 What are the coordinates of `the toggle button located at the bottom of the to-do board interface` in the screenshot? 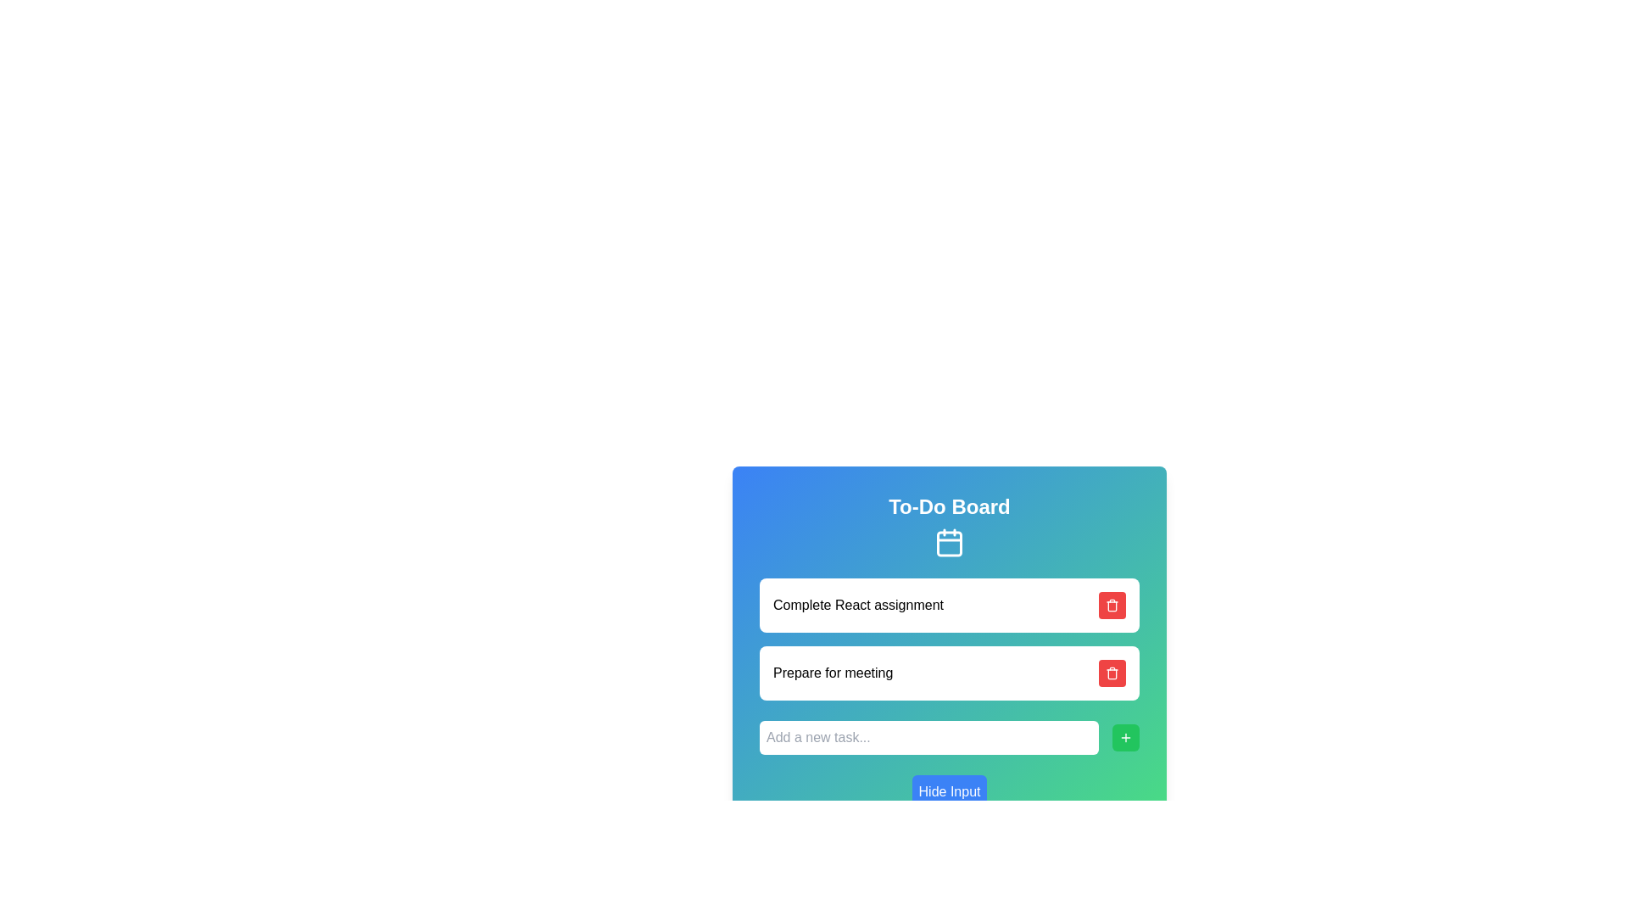 It's located at (948, 791).